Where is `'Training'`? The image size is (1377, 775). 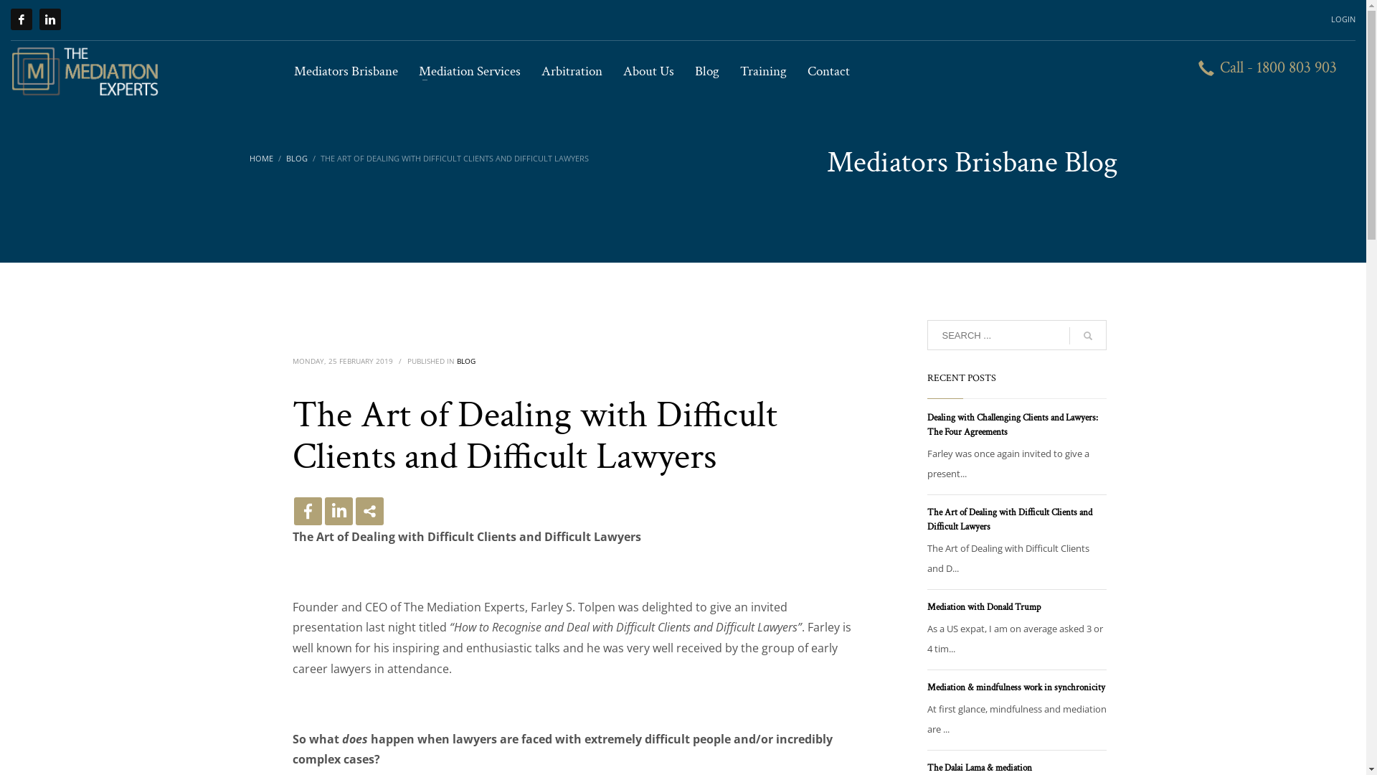
'Training' is located at coordinates (731, 72).